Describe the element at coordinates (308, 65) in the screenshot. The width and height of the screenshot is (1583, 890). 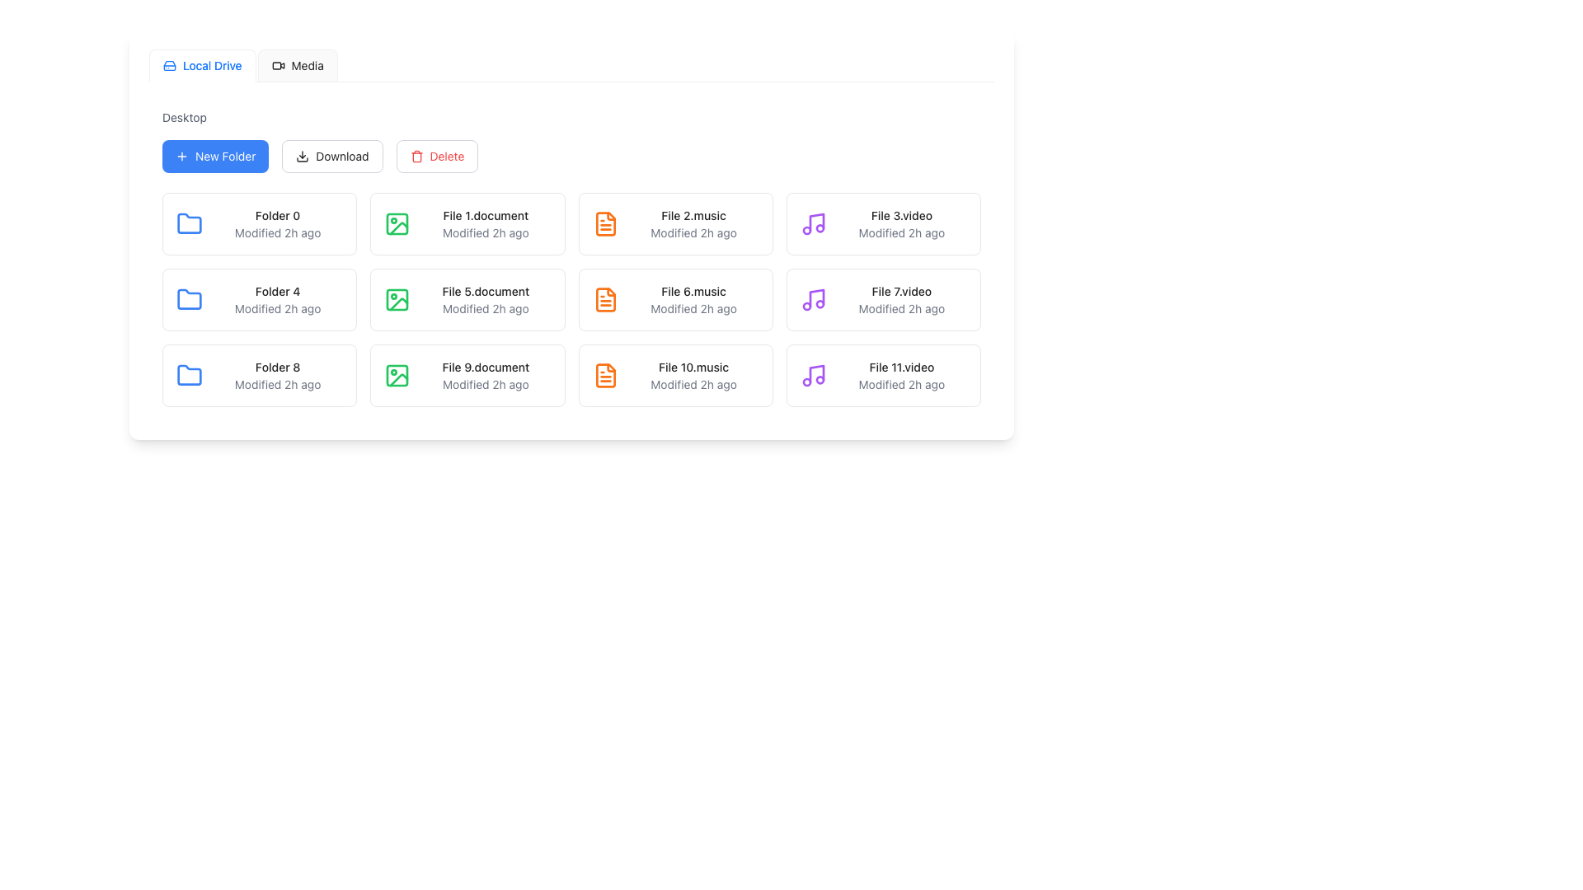
I see `the Text label that indicates a section or functionality related to media files, located in the upper left of the interface, above the main content` at that location.